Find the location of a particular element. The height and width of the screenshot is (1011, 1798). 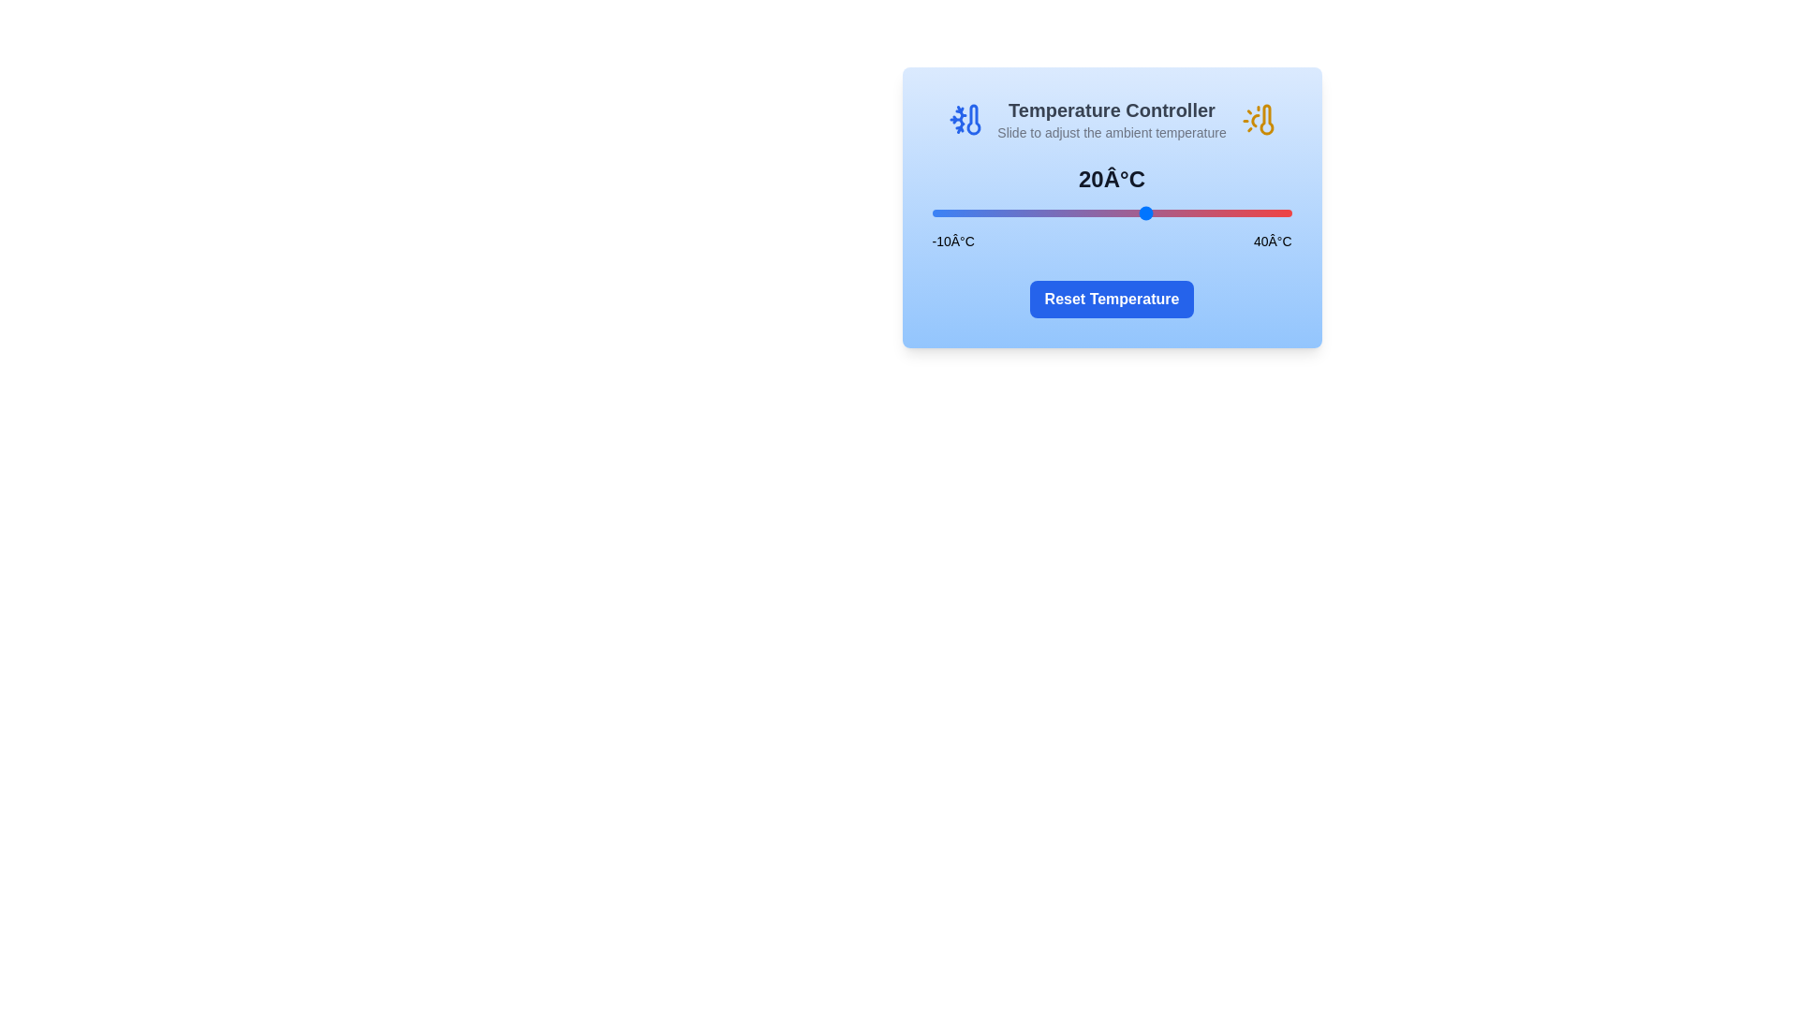

the cooling icon in the Temperature Controller interface, located to the far left beside the title text 'Temperature Controller' is located at coordinates (962, 111).